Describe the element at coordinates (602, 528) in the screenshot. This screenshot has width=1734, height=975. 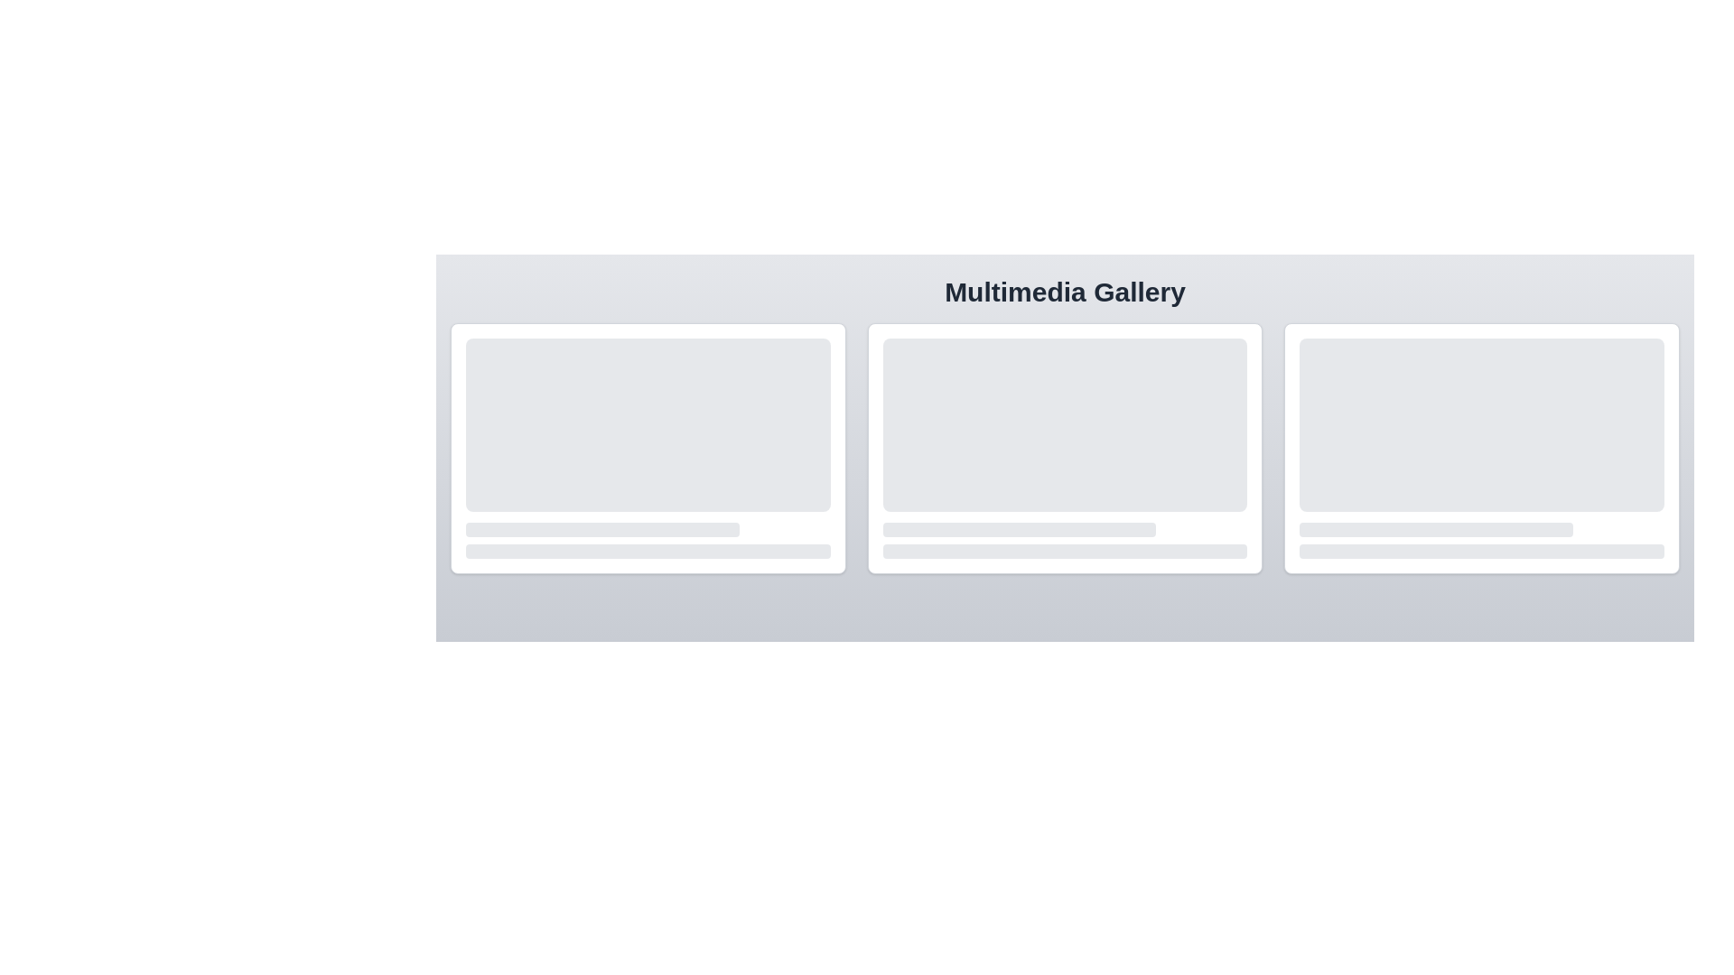
I see `the loading animation of the Placeholder content block, which is a horizontally elongated rectangle with a light gray background and rounded corners, indicating placeholder content` at that location.